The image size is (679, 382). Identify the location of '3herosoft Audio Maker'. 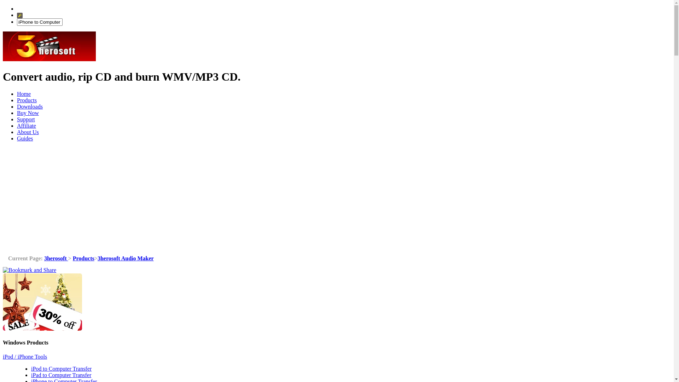
(126, 258).